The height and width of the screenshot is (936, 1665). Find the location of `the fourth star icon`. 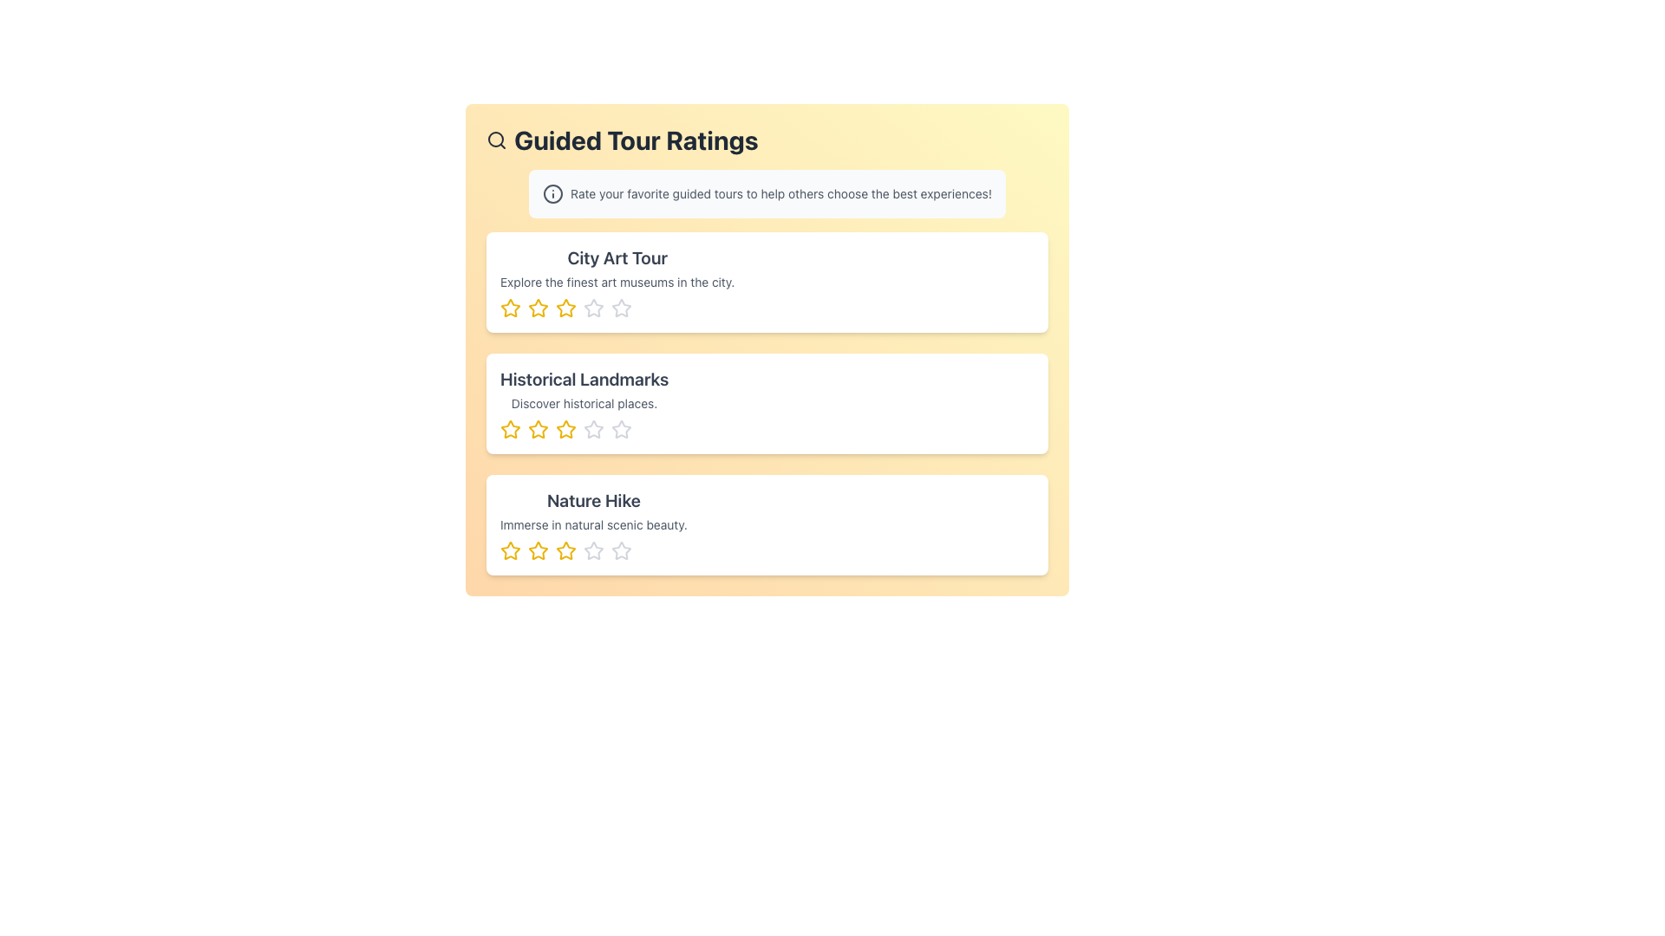

the fourth star icon is located at coordinates (565, 550).